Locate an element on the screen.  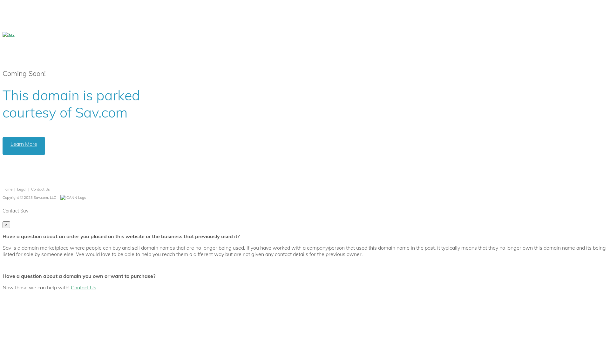
'Learn More' is located at coordinates (3, 146).